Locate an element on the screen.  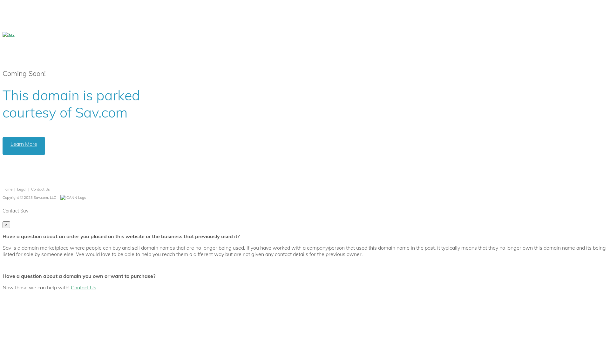
'Learn More' is located at coordinates (3, 146).